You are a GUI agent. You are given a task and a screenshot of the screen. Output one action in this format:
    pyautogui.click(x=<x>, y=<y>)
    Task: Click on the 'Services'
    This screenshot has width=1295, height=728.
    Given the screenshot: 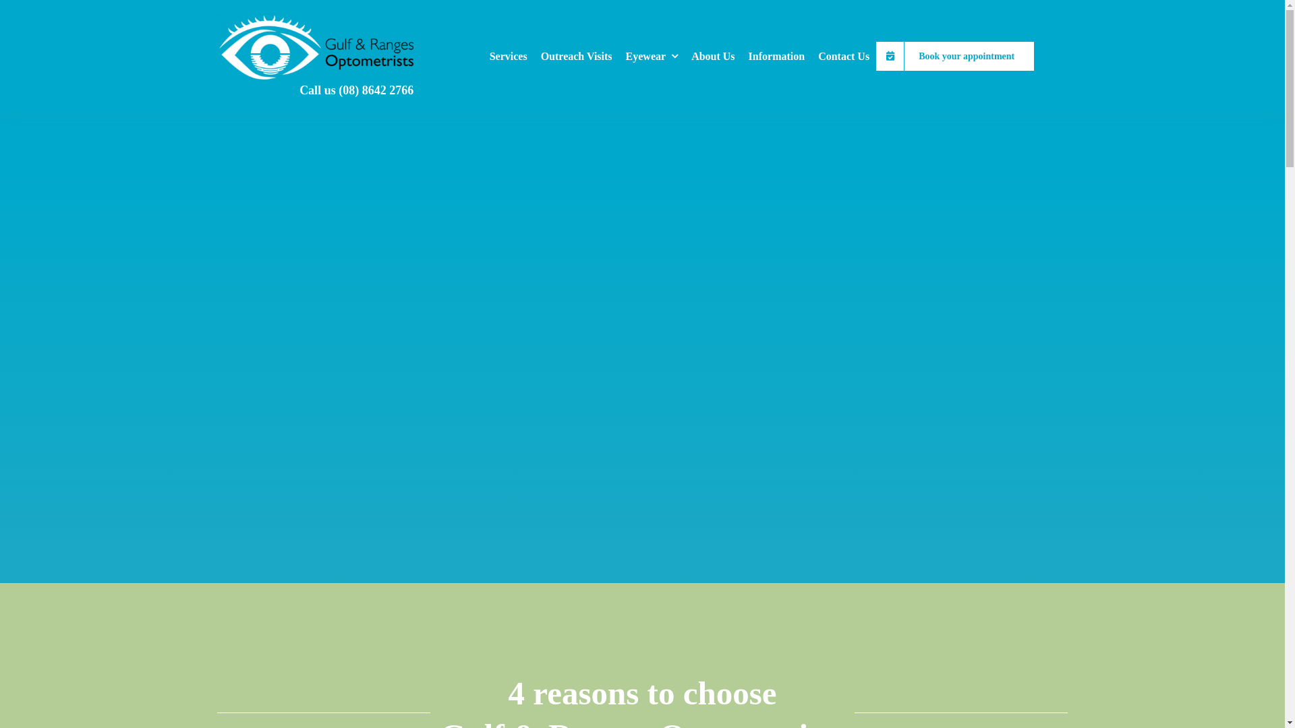 What is the action you would take?
    pyautogui.click(x=507, y=55)
    